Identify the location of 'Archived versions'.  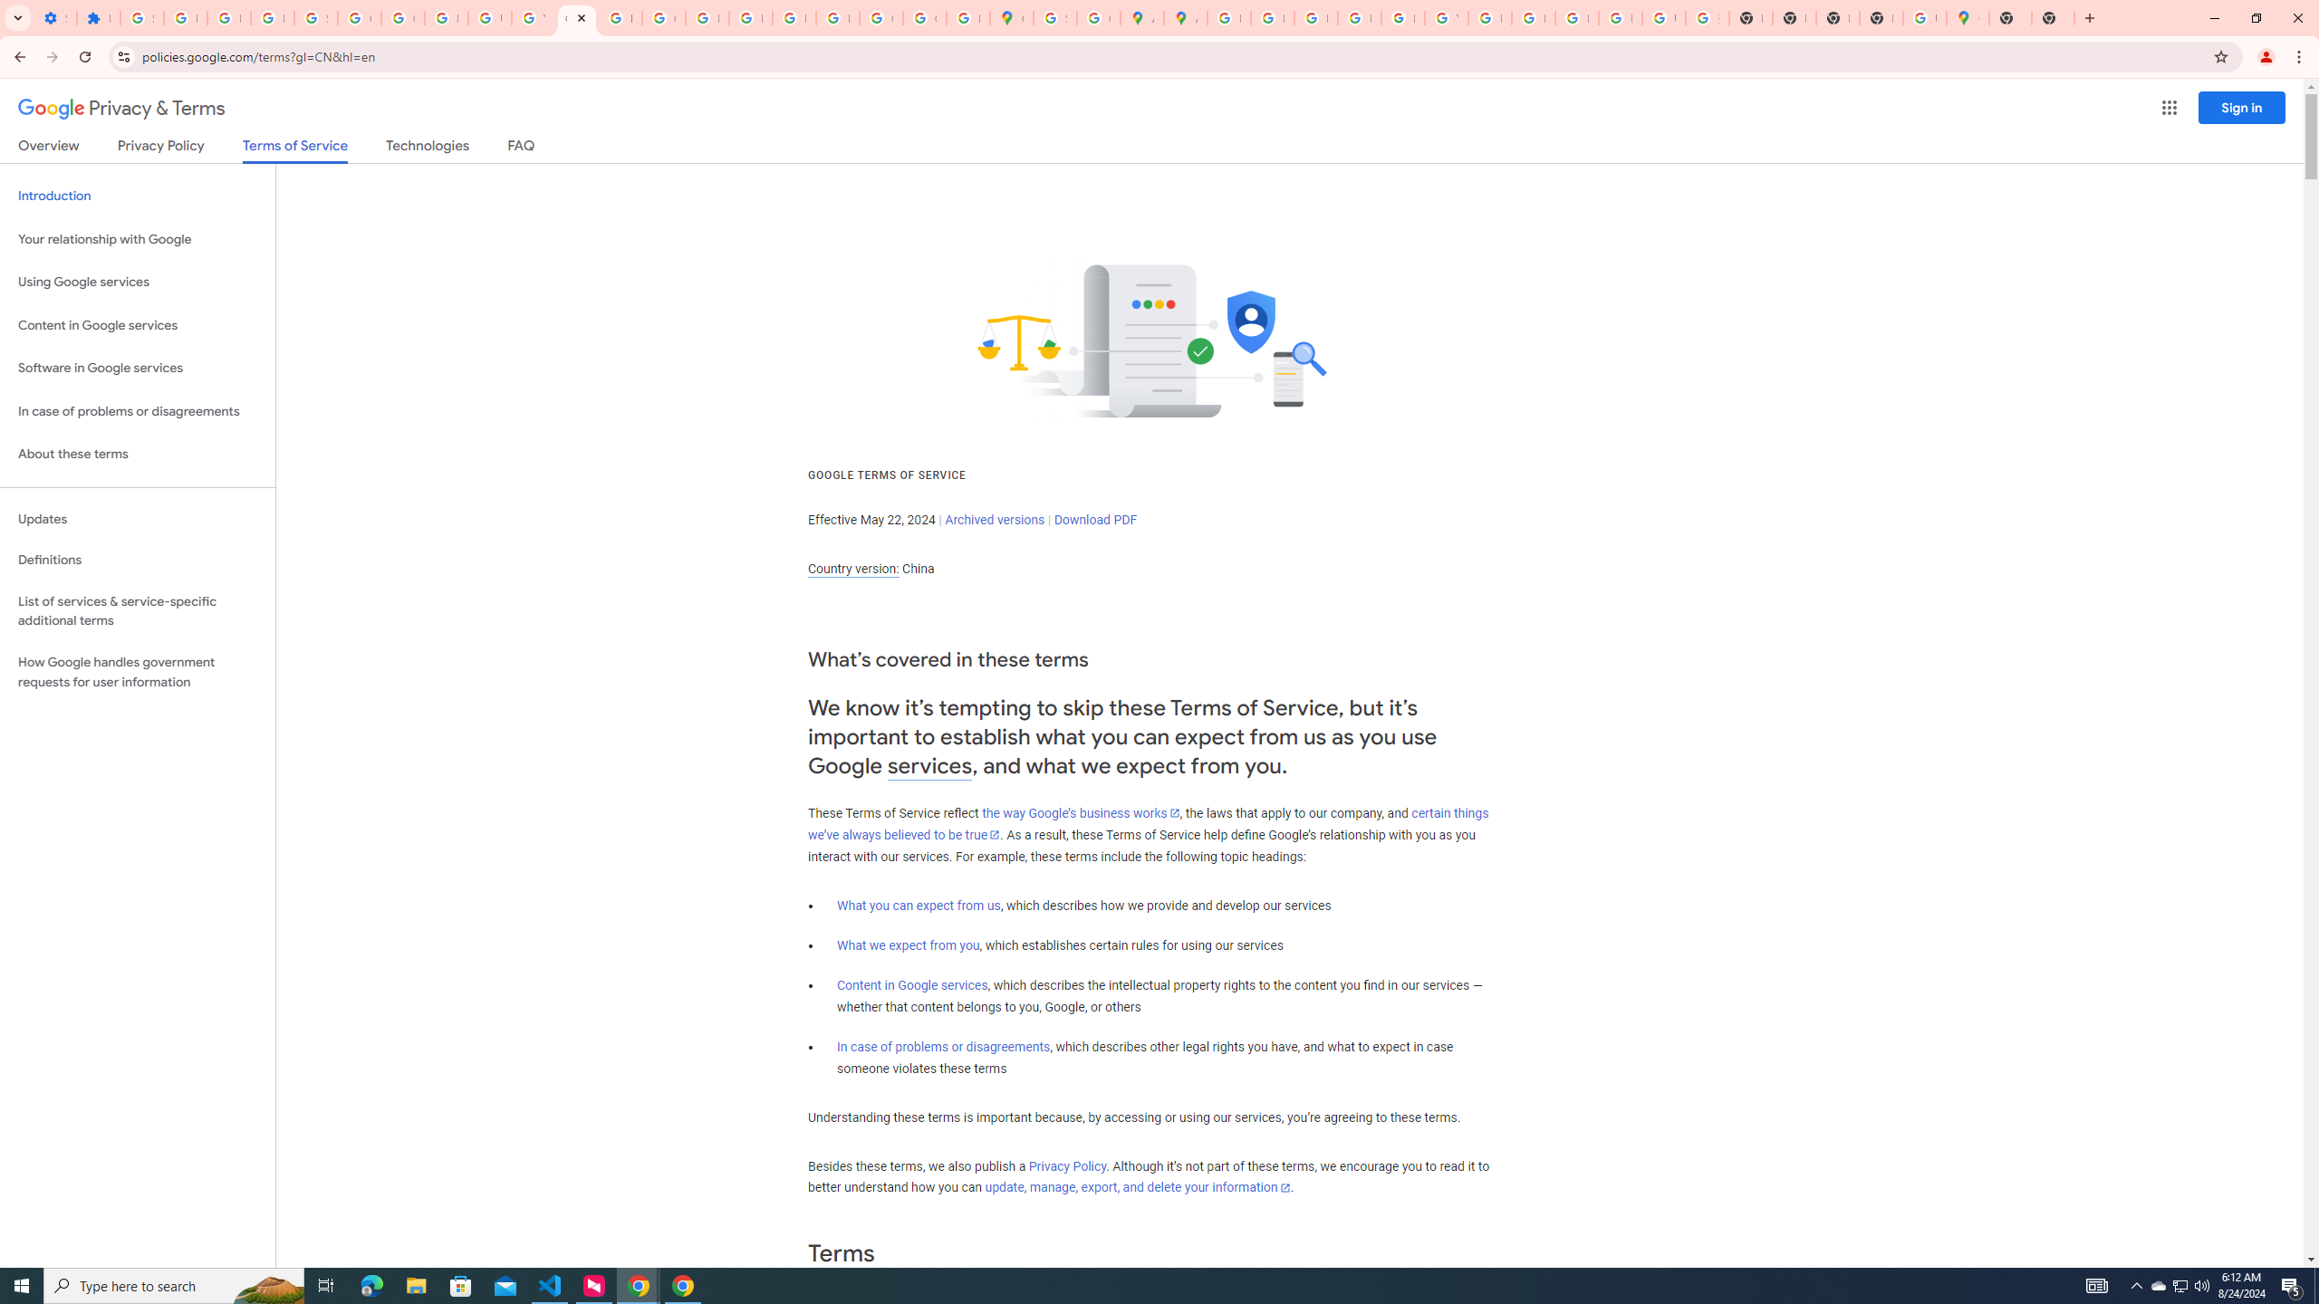
(994, 518).